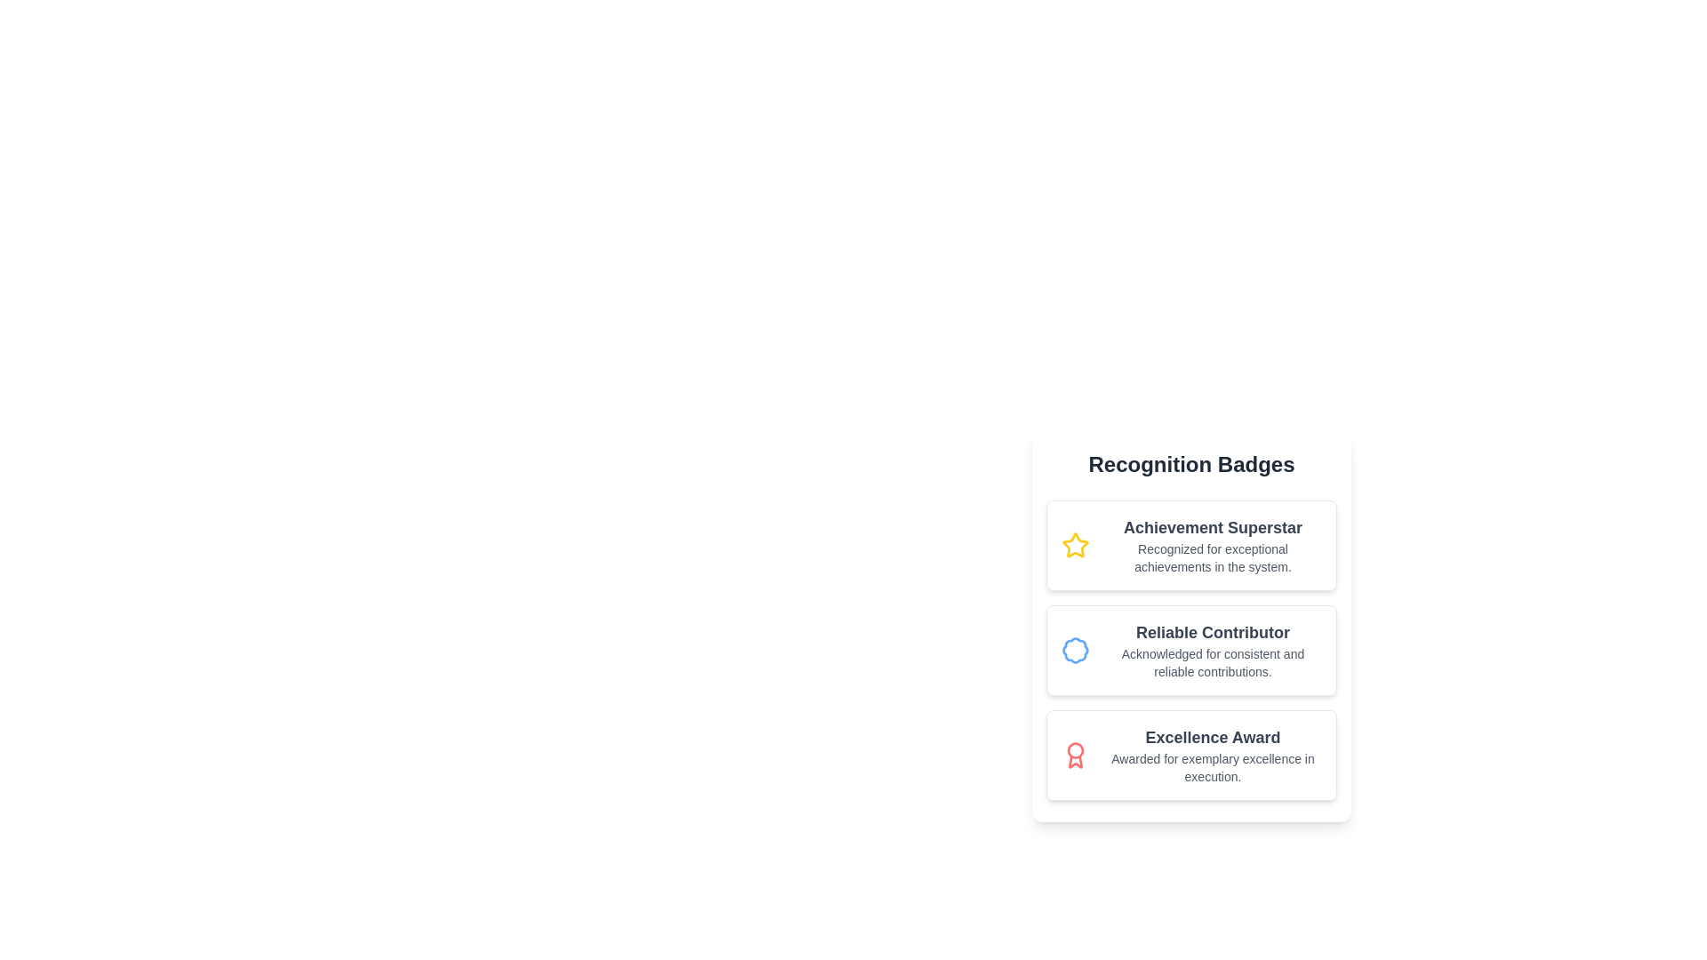 This screenshot has width=1707, height=960. I want to click on the yellow star icon with a hollow center in the 'Achievement Superstar' badge of the 'Recognition Badges' section, so click(1082, 544).